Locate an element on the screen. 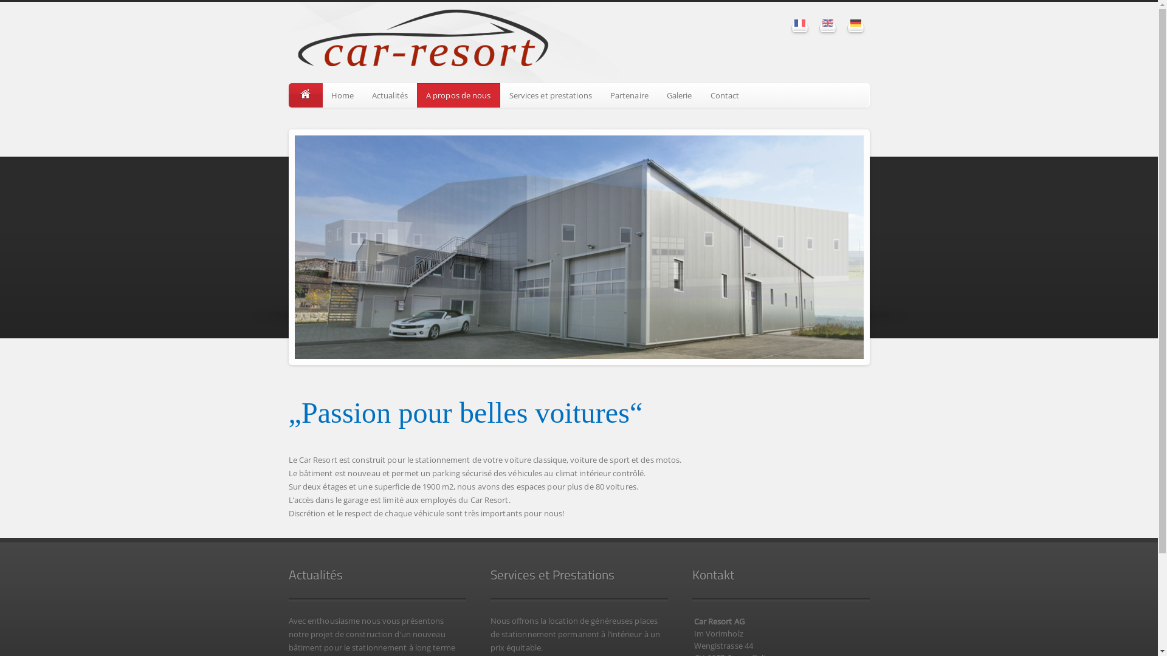 The width and height of the screenshot is (1167, 656). 'Deutsch' is located at coordinates (854, 23).